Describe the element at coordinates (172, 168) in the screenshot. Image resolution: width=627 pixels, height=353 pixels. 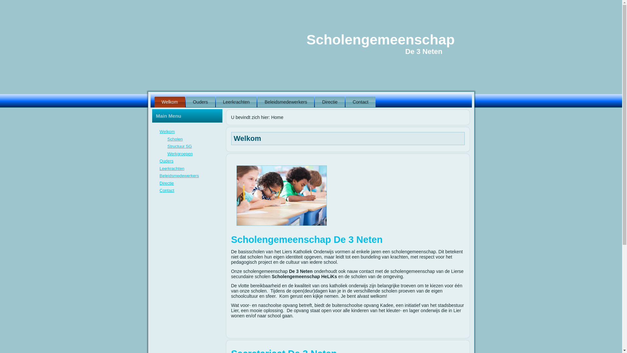
I see `'Leerkrachten'` at that location.